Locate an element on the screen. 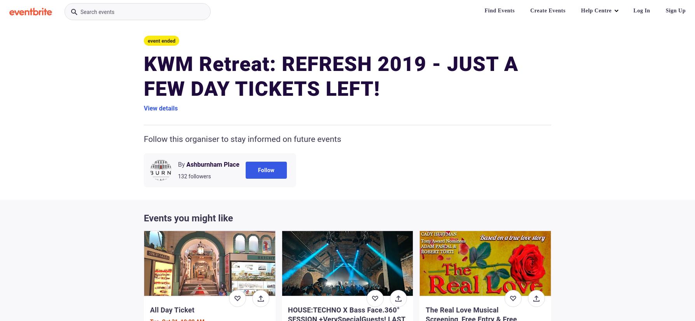  'Ashburnham Place' is located at coordinates (186, 164).